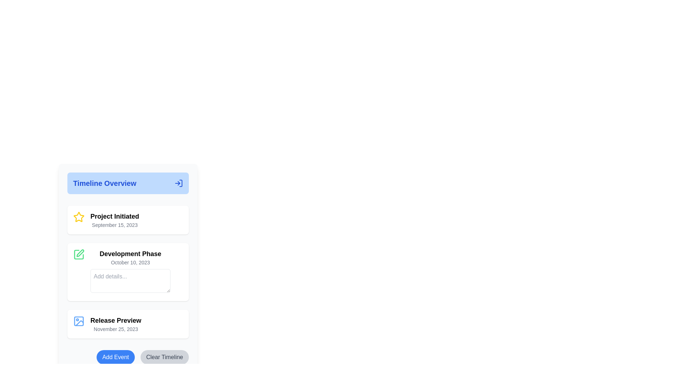 The height and width of the screenshot is (389, 692). Describe the element at coordinates (181, 183) in the screenshot. I see `the vertical line segment of the log-in or move-to-door sign icon located in the upper-right corner of the 'Timeline Overview' header` at that location.